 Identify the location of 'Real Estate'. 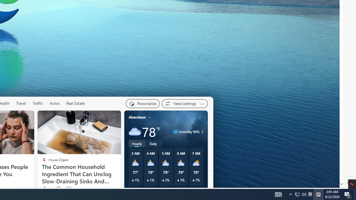
(75, 103).